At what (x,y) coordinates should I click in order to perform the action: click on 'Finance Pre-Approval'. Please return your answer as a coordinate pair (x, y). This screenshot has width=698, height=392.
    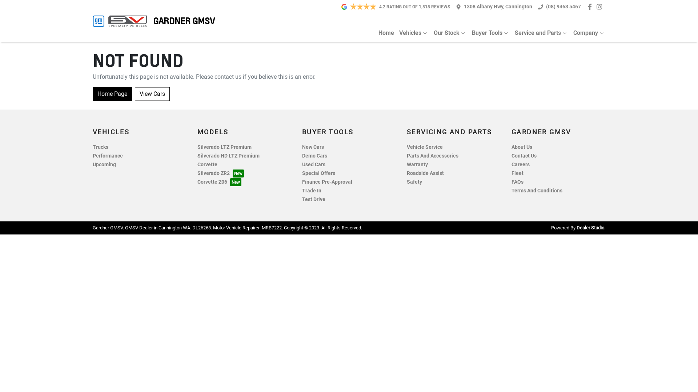
    Looking at the image, I should click on (327, 181).